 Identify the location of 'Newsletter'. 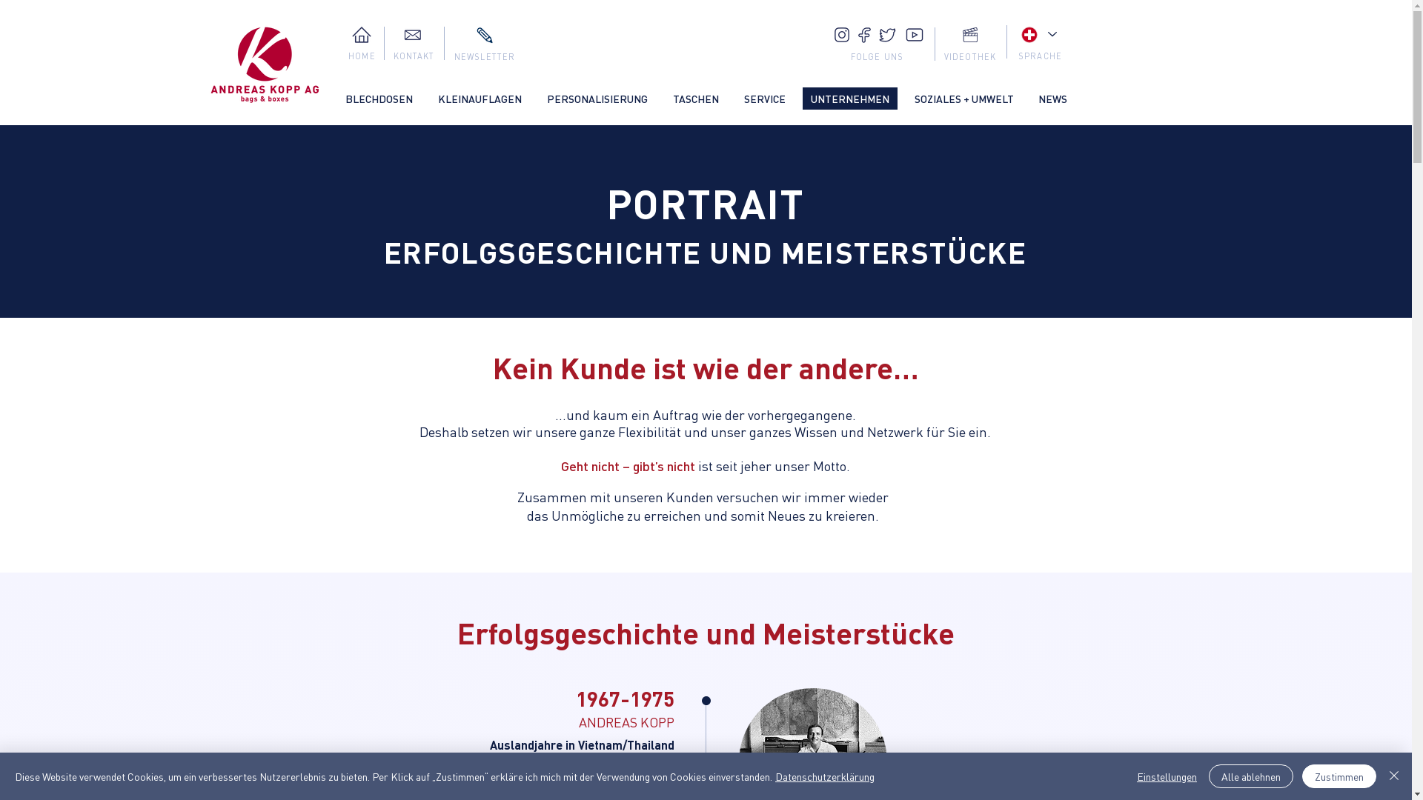
(483, 34).